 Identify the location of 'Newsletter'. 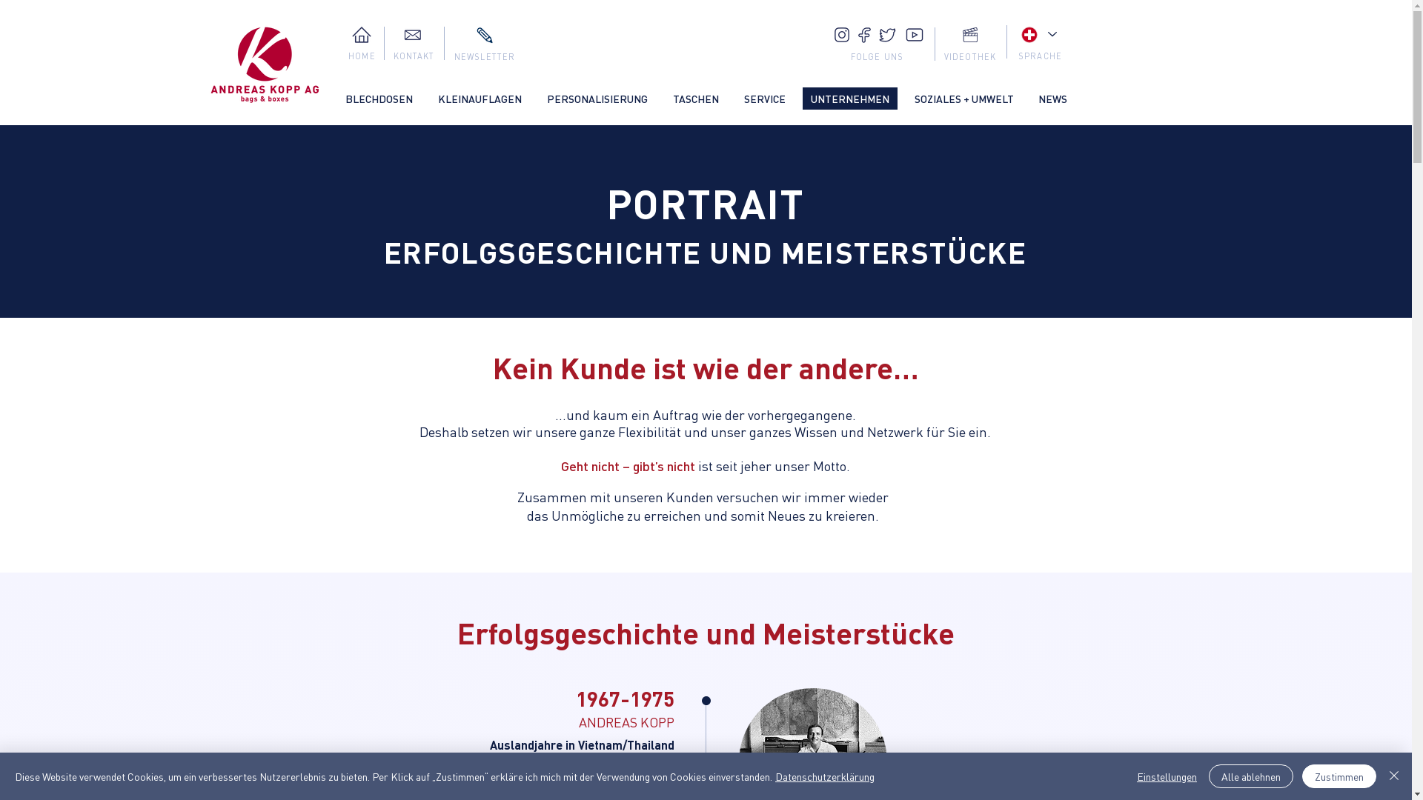
(483, 34).